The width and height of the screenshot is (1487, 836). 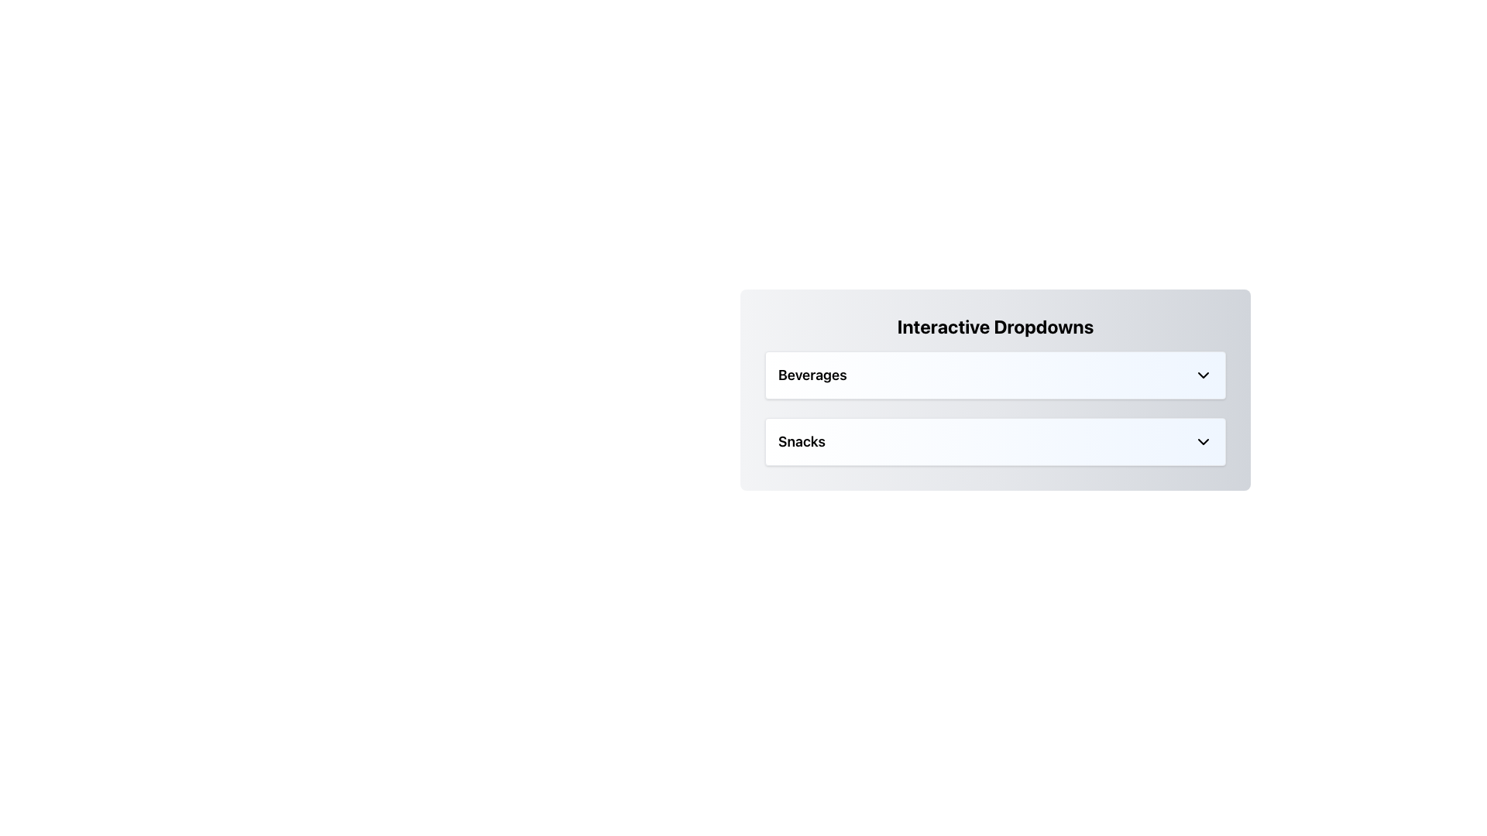 What do you see at coordinates (995, 441) in the screenshot?
I see `the dropdown trigger element for the 'Snacks' category located below the 'Interactive Dropdowns' title and above the 'Beverages' element` at bounding box center [995, 441].